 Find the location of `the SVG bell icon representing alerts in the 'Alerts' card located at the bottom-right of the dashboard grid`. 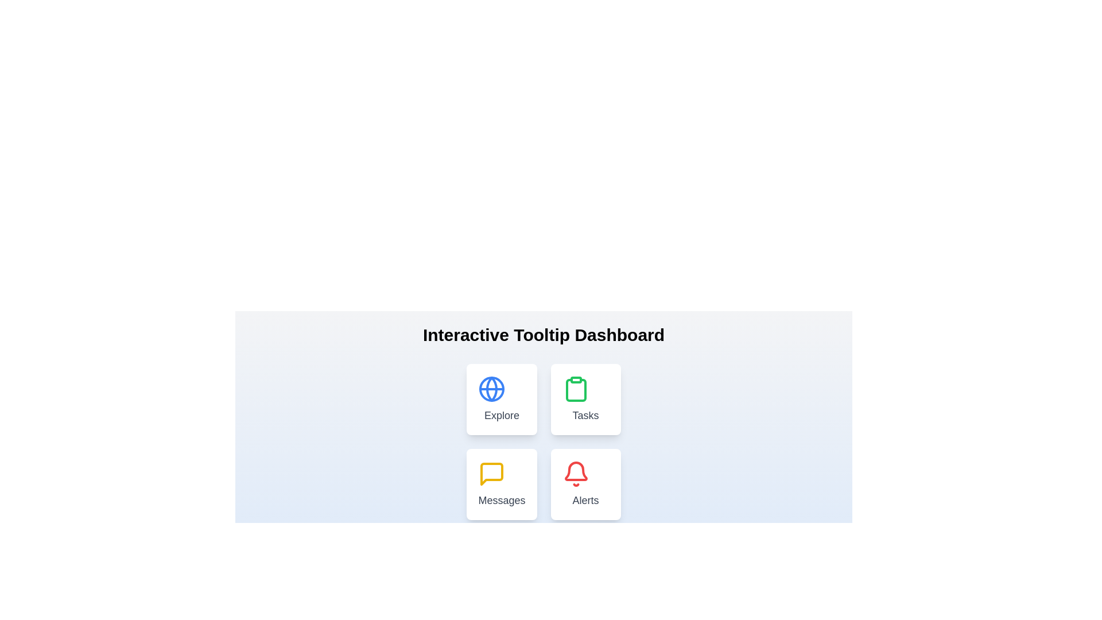

the SVG bell icon representing alerts in the 'Alerts' card located at the bottom-right of the dashboard grid is located at coordinates (576, 471).